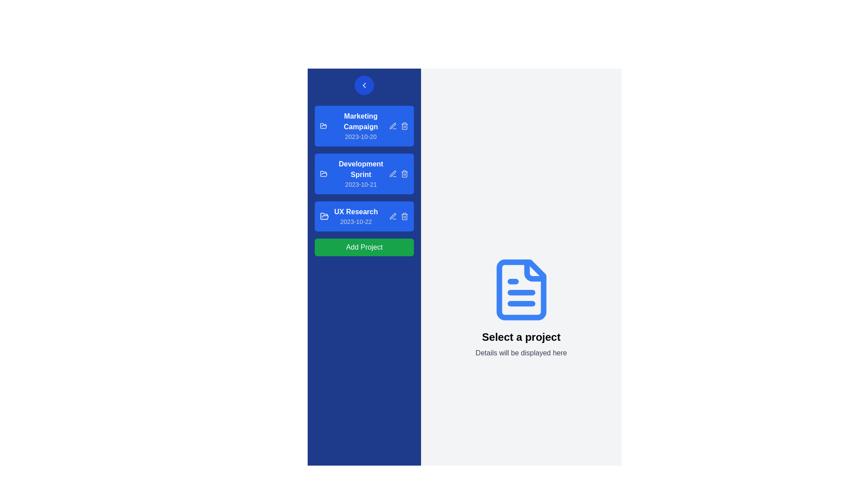  I want to click on the pen-like edit icon, so click(393, 174).